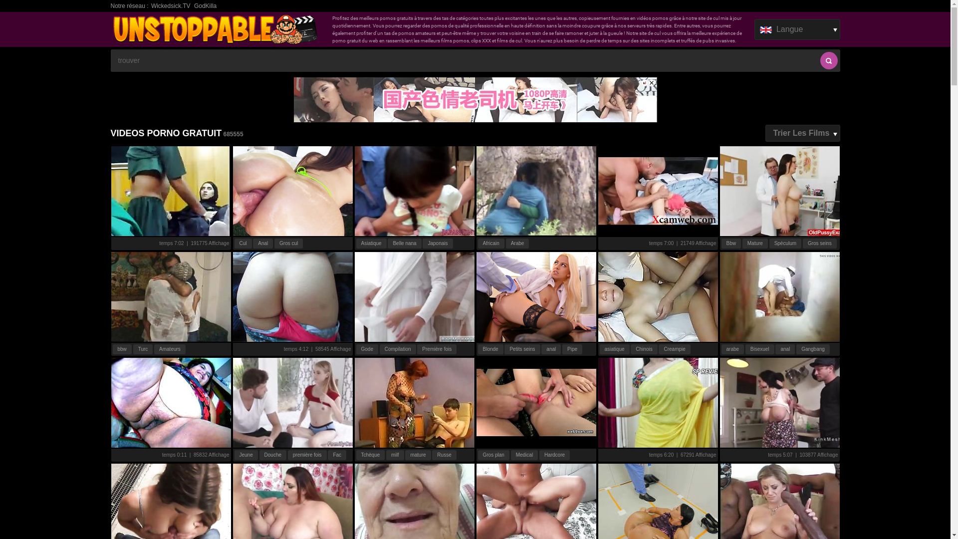 The image size is (958, 539). I want to click on 'recherche', so click(829, 60).